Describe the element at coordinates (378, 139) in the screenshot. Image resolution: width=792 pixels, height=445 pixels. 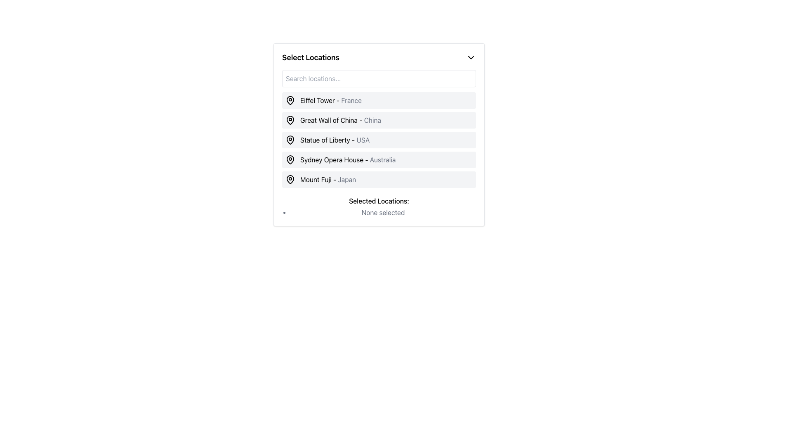
I see `the third selectable list item representing 'Statue of Liberty'` at that location.